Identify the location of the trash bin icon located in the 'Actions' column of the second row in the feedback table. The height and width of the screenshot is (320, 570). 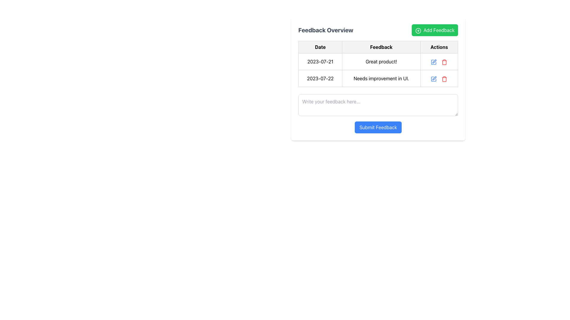
(444, 79).